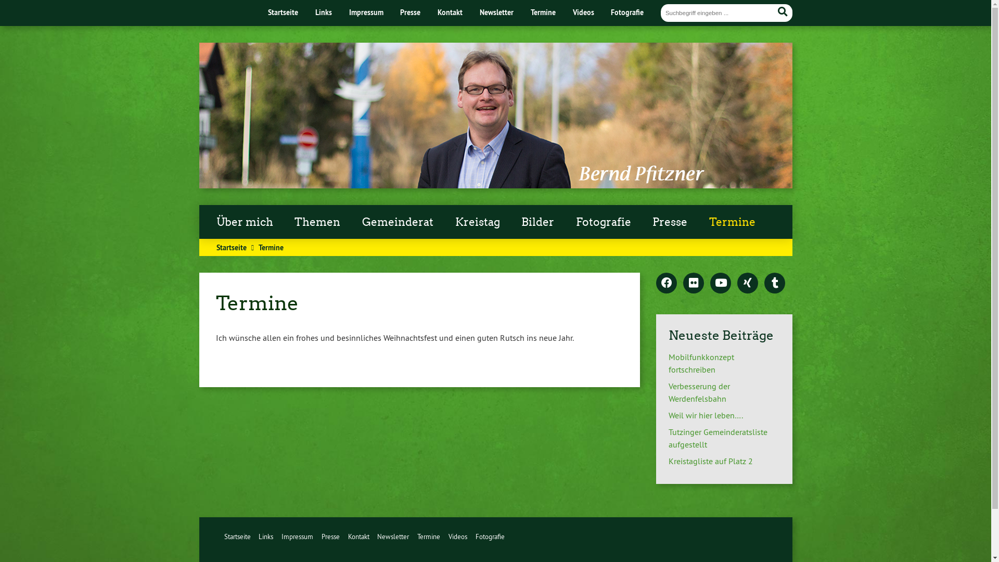 Image resolution: width=999 pixels, height=562 pixels. I want to click on 'Fotografie', so click(489, 536).